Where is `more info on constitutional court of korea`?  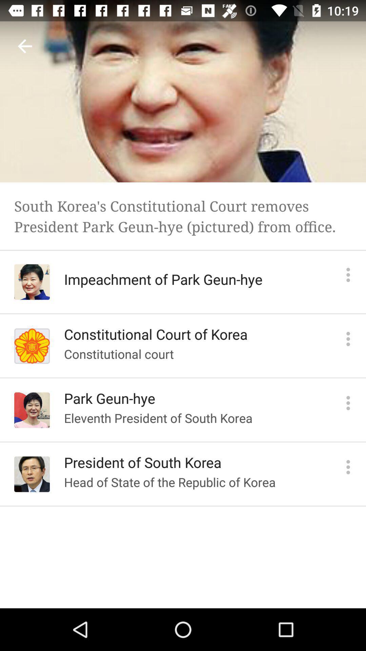
more info on constitutional court of korea is located at coordinates (348, 339).